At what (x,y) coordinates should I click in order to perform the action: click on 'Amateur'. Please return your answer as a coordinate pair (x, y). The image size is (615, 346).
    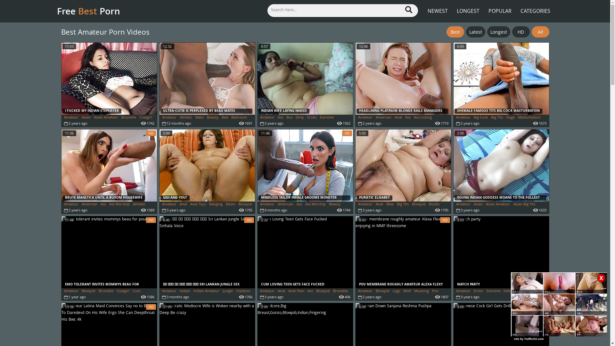
    Looking at the image, I should click on (463, 291).